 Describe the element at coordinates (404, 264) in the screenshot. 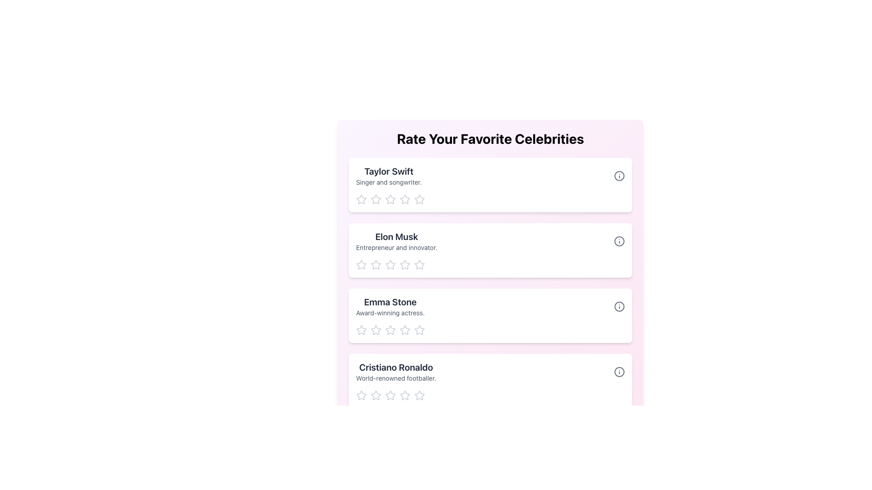

I see `the second star from the left in the five-star rating group under the 'Elon Musk' card` at that location.